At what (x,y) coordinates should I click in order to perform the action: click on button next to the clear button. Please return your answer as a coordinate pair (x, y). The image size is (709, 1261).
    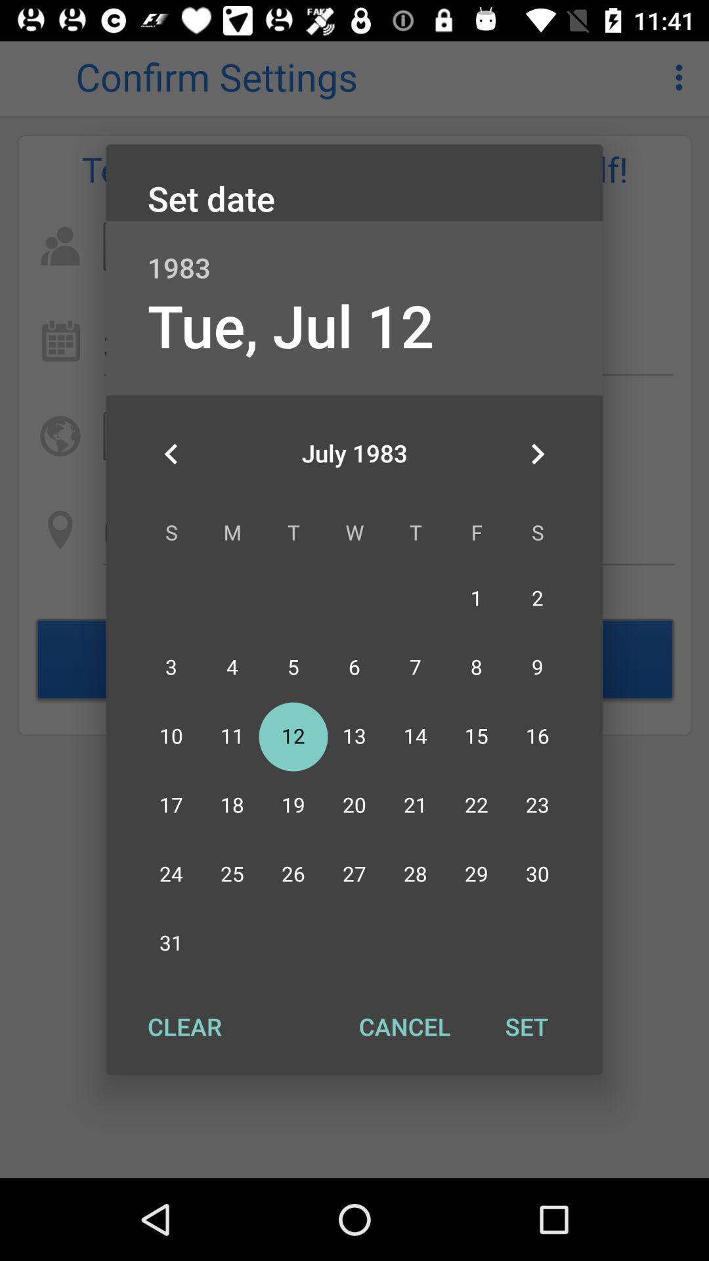
    Looking at the image, I should click on (404, 1026).